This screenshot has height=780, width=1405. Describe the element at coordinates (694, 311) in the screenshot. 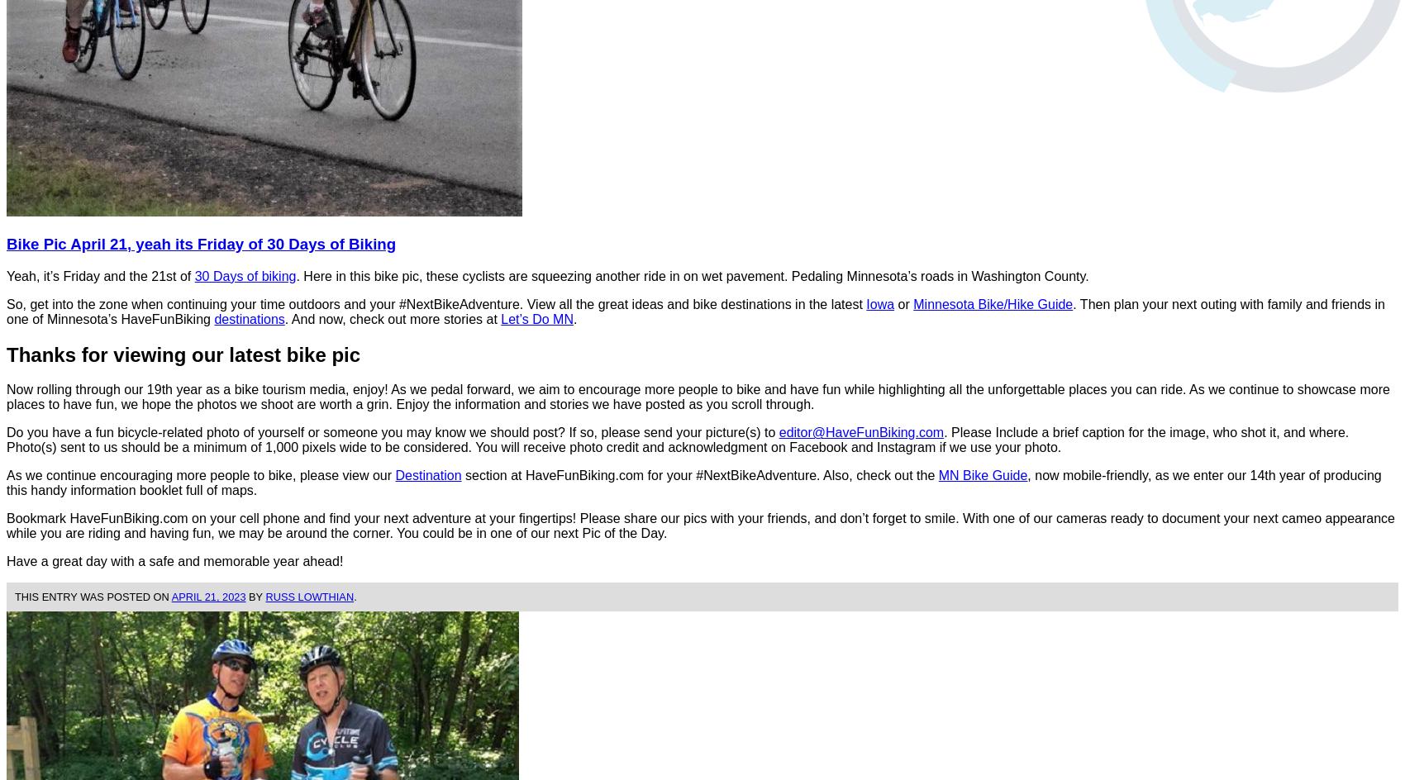

I see `'. Then plan your next outing with family and friends in one of Minnesota’s HaveFunBiking'` at that location.